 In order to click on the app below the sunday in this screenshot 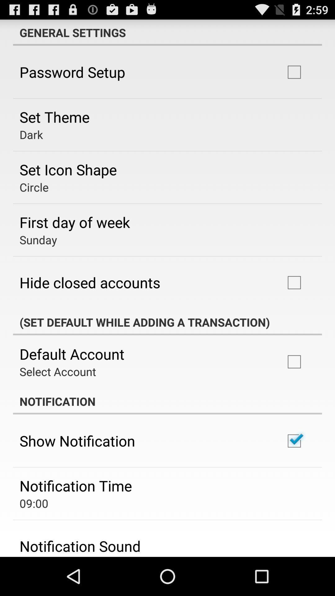, I will do `click(90, 282)`.